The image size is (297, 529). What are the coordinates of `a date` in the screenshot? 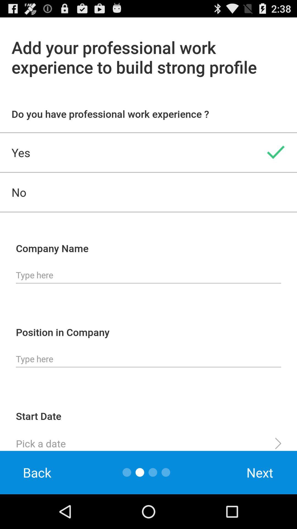 It's located at (148, 441).